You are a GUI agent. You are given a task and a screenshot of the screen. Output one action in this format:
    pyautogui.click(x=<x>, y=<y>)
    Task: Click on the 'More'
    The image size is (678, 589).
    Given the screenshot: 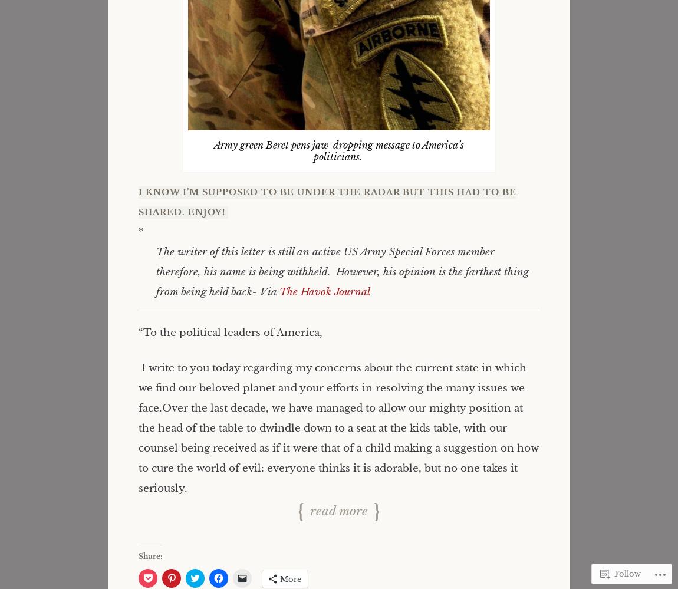 What is the action you would take?
    pyautogui.click(x=291, y=578)
    